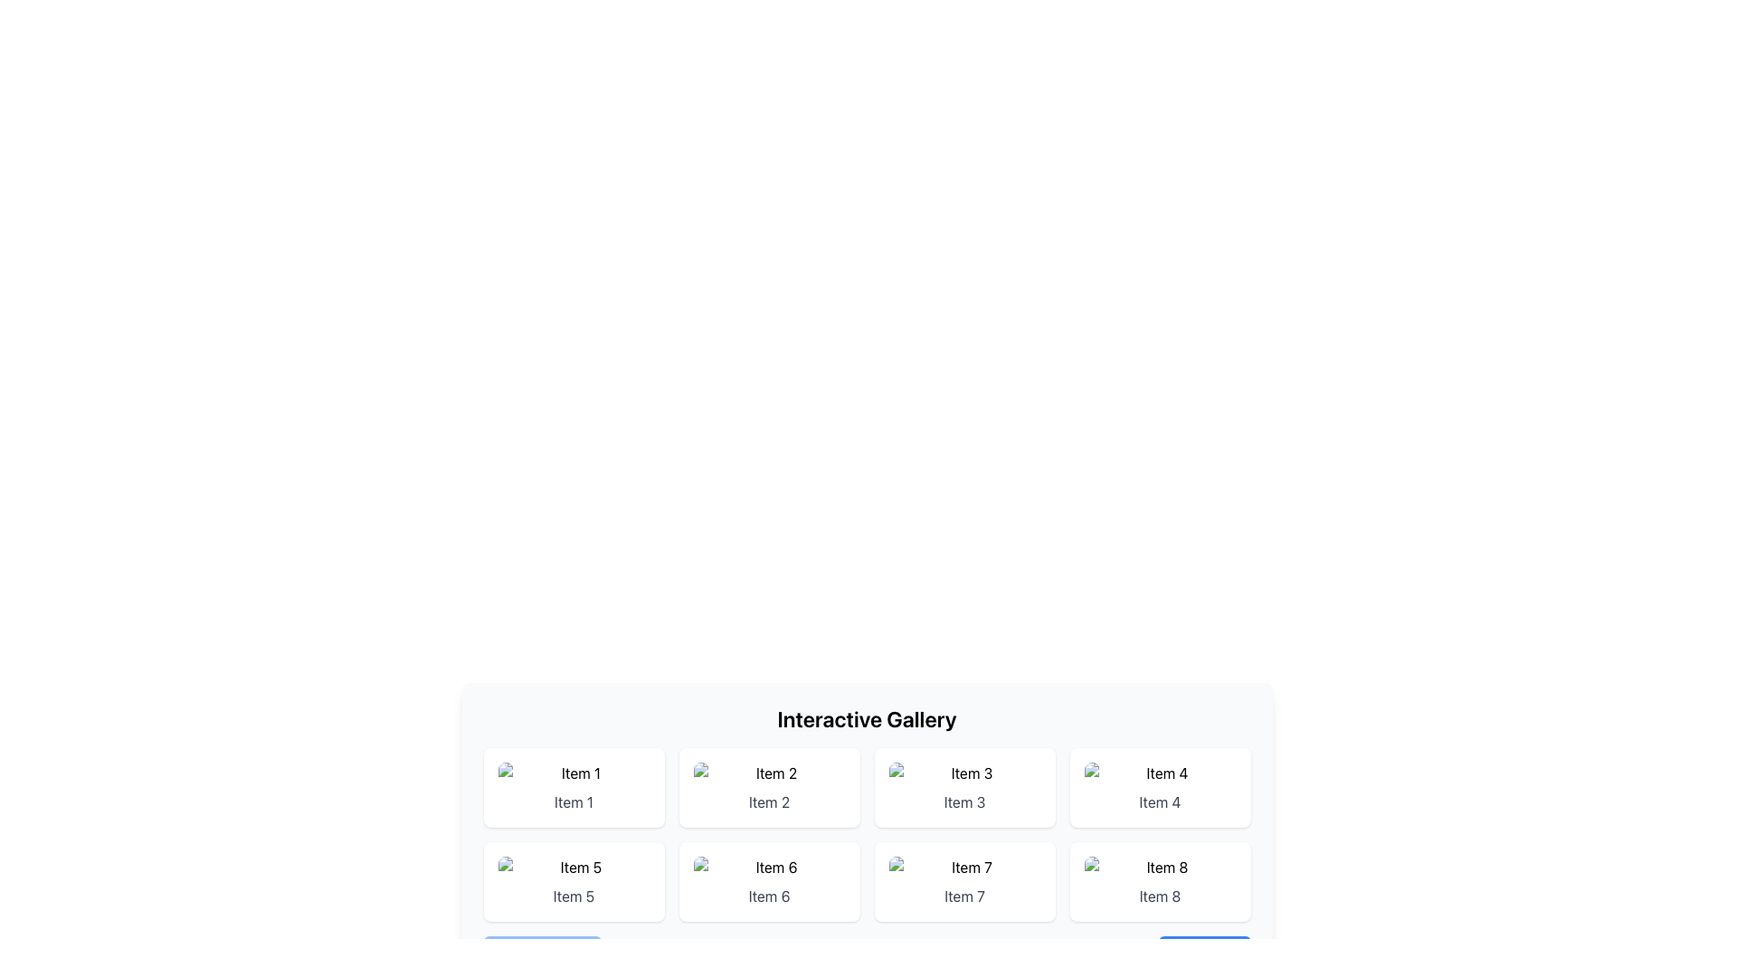  What do you see at coordinates (963, 773) in the screenshot?
I see `the image representing 'Item 3'` at bounding box center [963, 773].